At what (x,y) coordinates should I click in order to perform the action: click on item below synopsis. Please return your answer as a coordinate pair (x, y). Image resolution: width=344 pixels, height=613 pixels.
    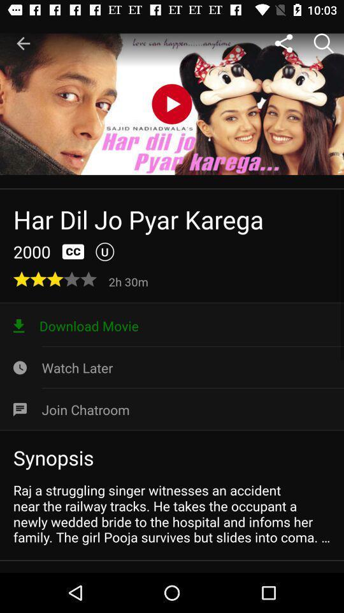
    Looking at the image, I should click on (172, 513).